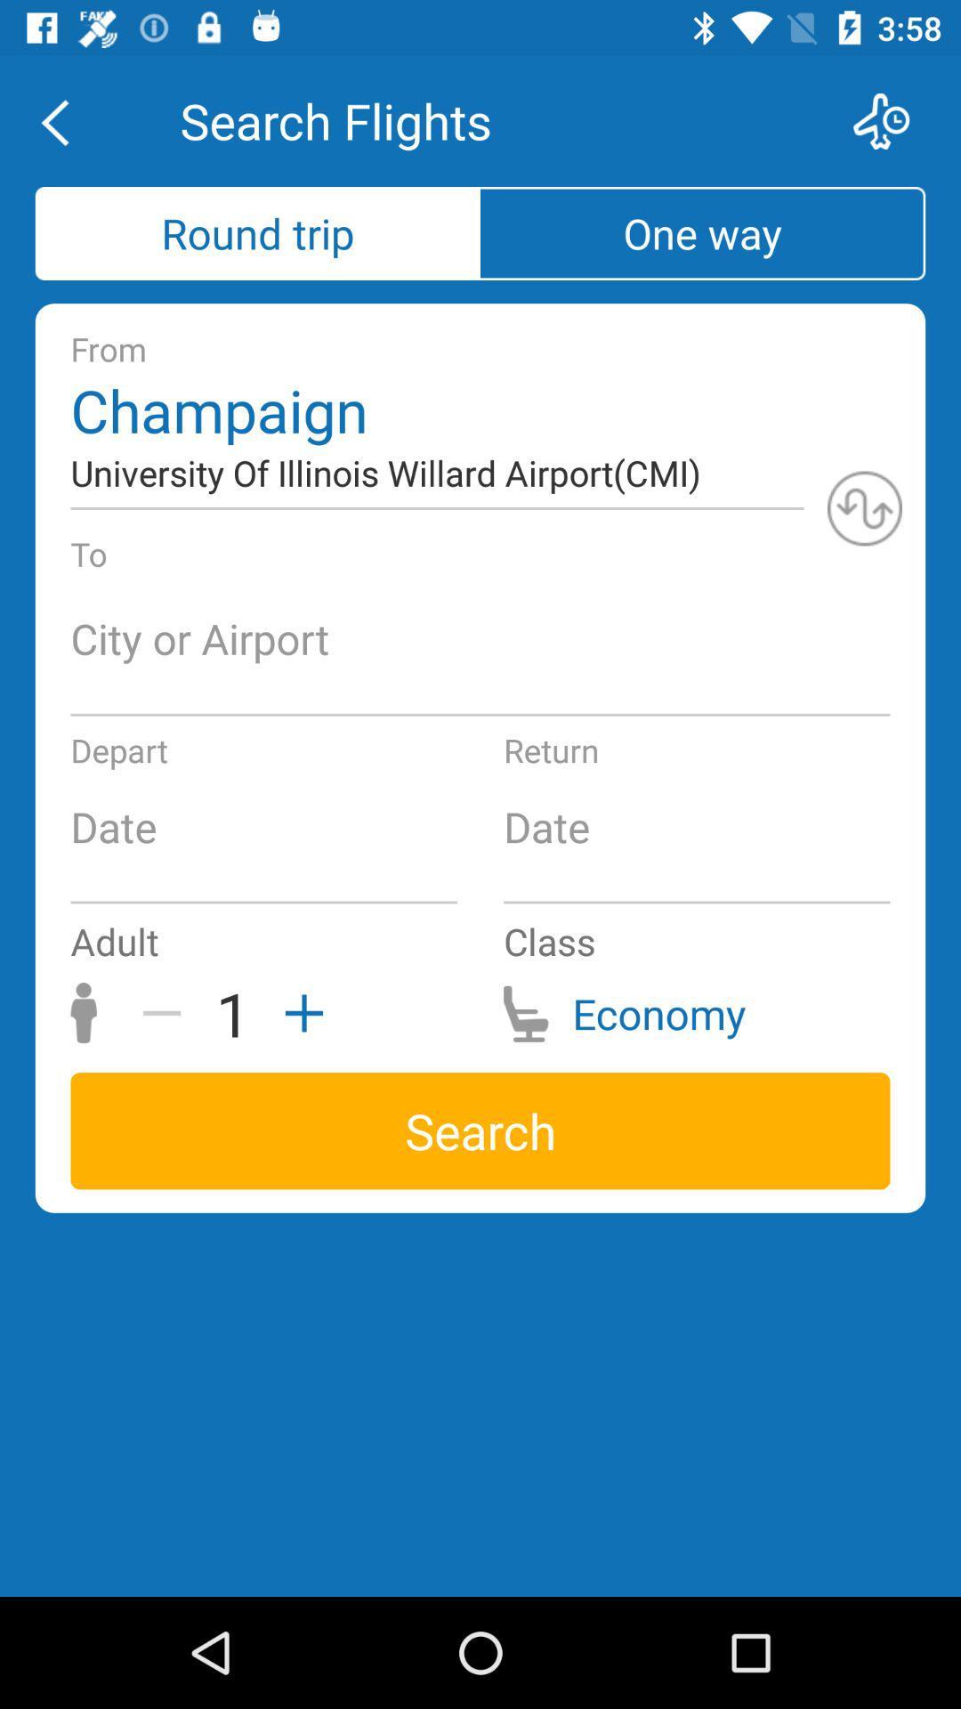 The width and height of the screenshot is (961, 1709). What do you see at coordinates (168, 1013) in the screenshot?
I see `the icon to the left of the 1 icon` at bounding box center [168, 1013].